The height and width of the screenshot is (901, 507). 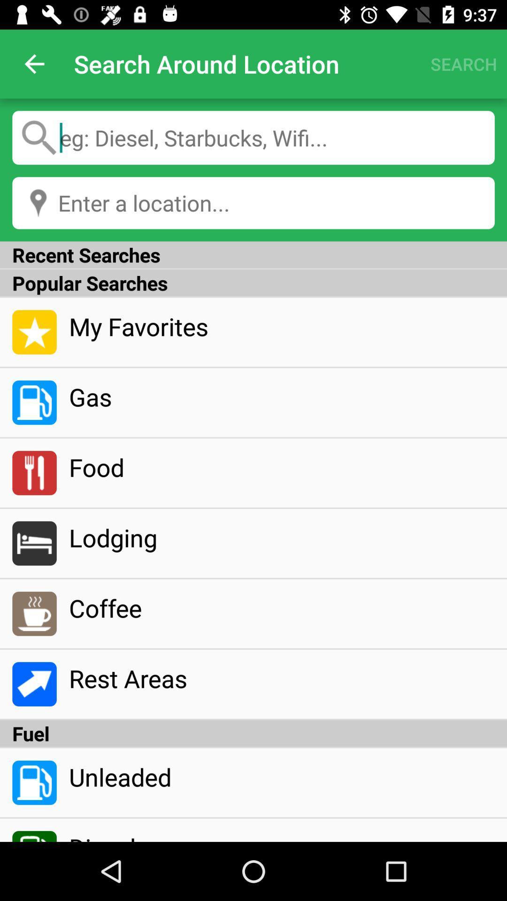 I want to click on lodging icon, so click(x=281, y=537).